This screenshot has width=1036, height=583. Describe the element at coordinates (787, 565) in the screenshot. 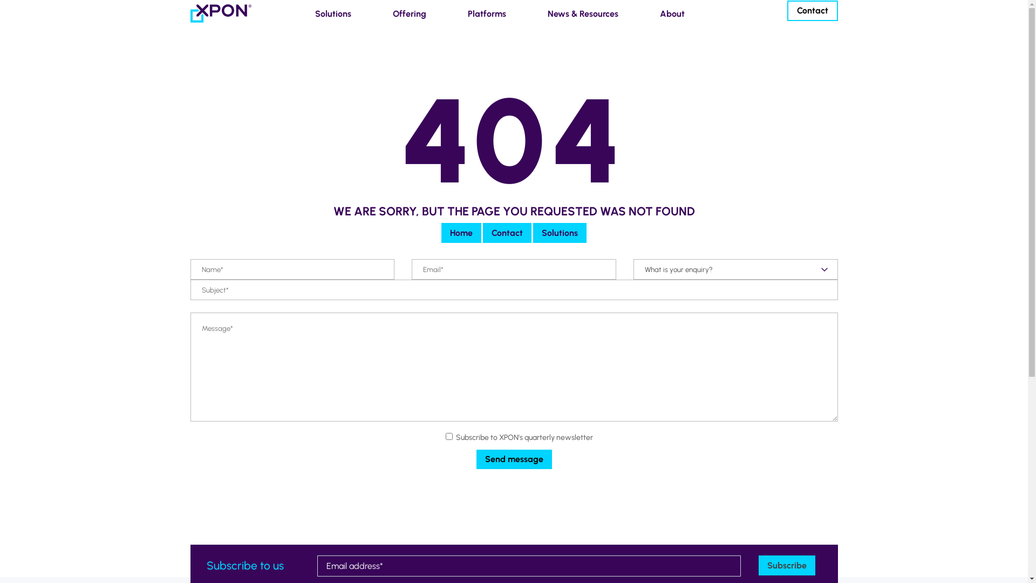

I see `'Subscribe'` at that location.